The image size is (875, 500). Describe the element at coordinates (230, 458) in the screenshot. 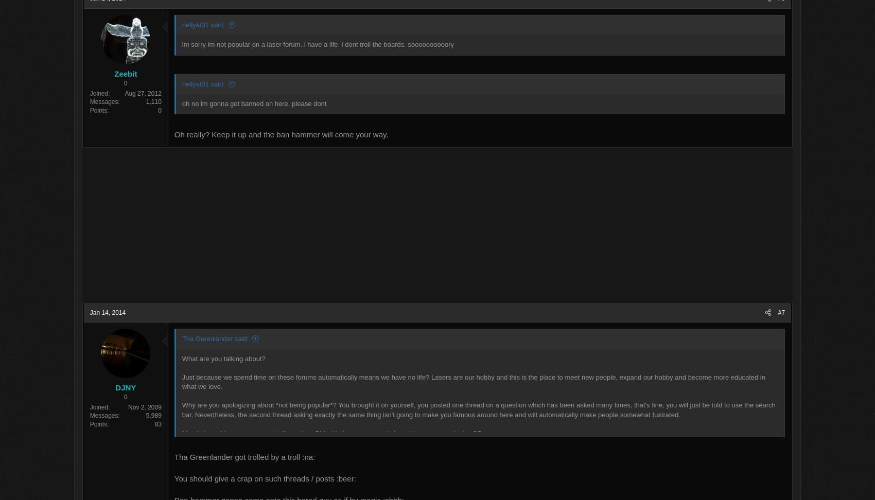

I see `'Tha Greenlander got trolled by a troll :na:'` at that location.